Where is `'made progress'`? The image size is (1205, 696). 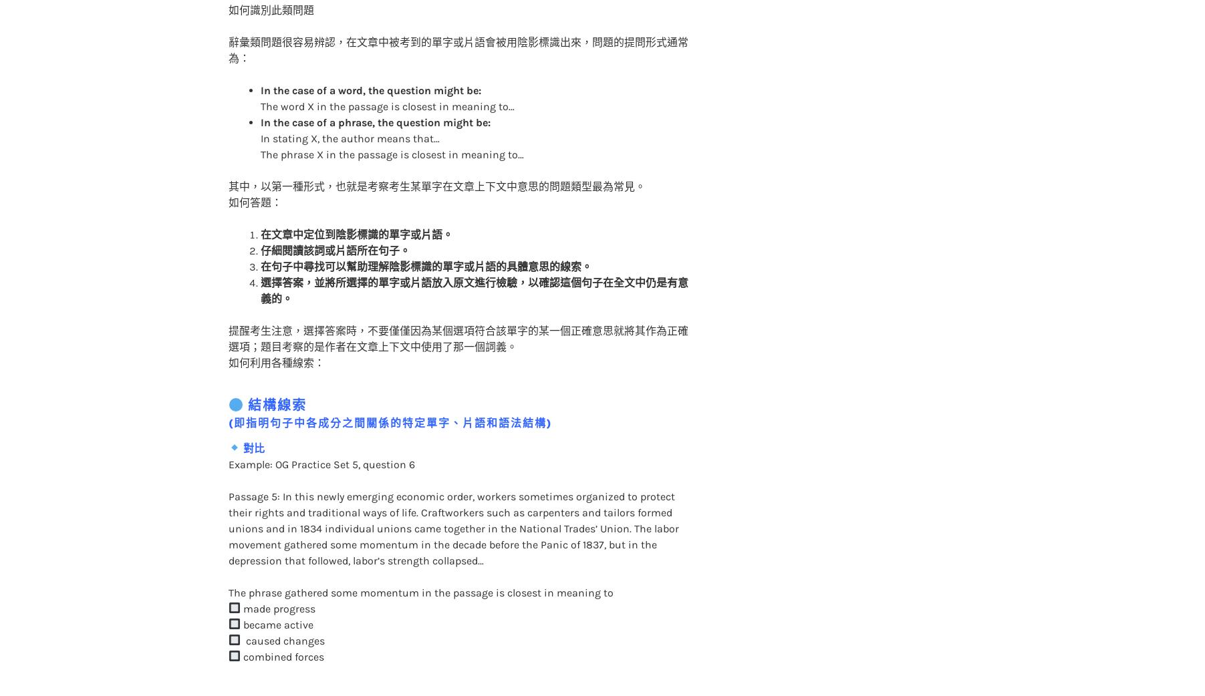 'made progress' is located at coordinates (277, 580).